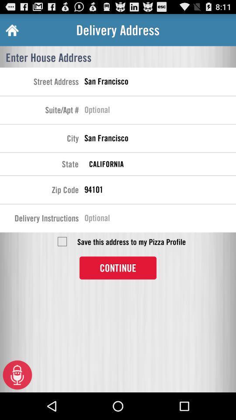  I want to click on instructions for delivery, so click(160, 219).